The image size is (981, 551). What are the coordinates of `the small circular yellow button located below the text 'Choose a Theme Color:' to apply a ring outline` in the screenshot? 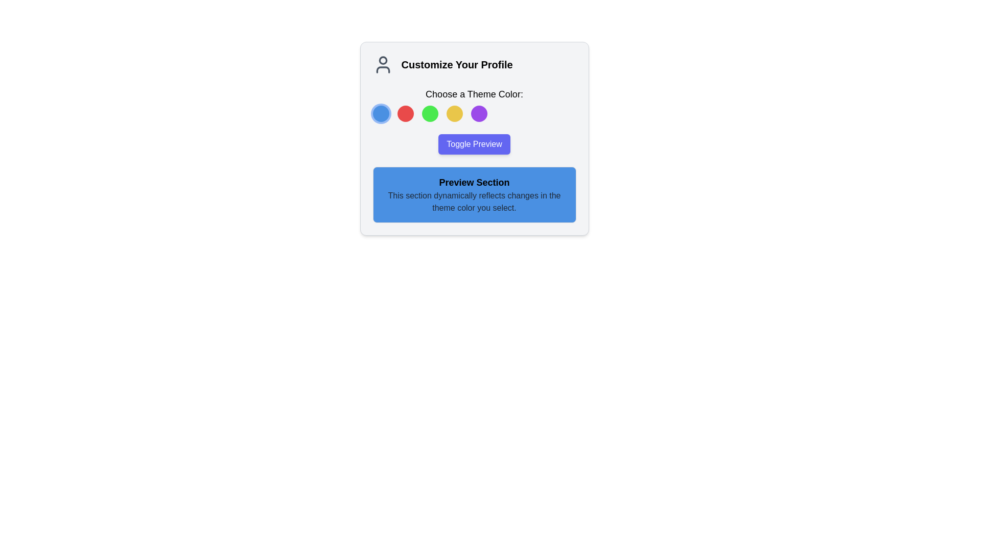 It's located at (454, 114).